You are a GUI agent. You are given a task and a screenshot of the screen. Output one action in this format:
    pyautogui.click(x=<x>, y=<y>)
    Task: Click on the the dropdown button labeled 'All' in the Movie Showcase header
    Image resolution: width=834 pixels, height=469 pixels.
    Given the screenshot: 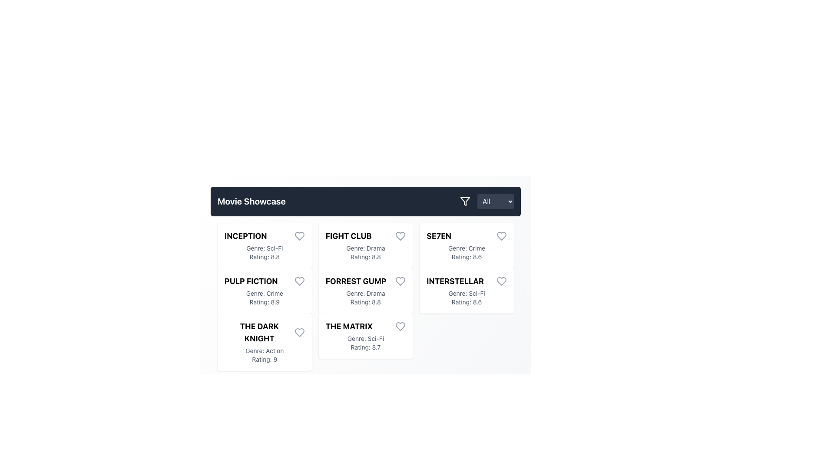 What is the action you would take?
    pyautogui.click(x=487, y=201)
    